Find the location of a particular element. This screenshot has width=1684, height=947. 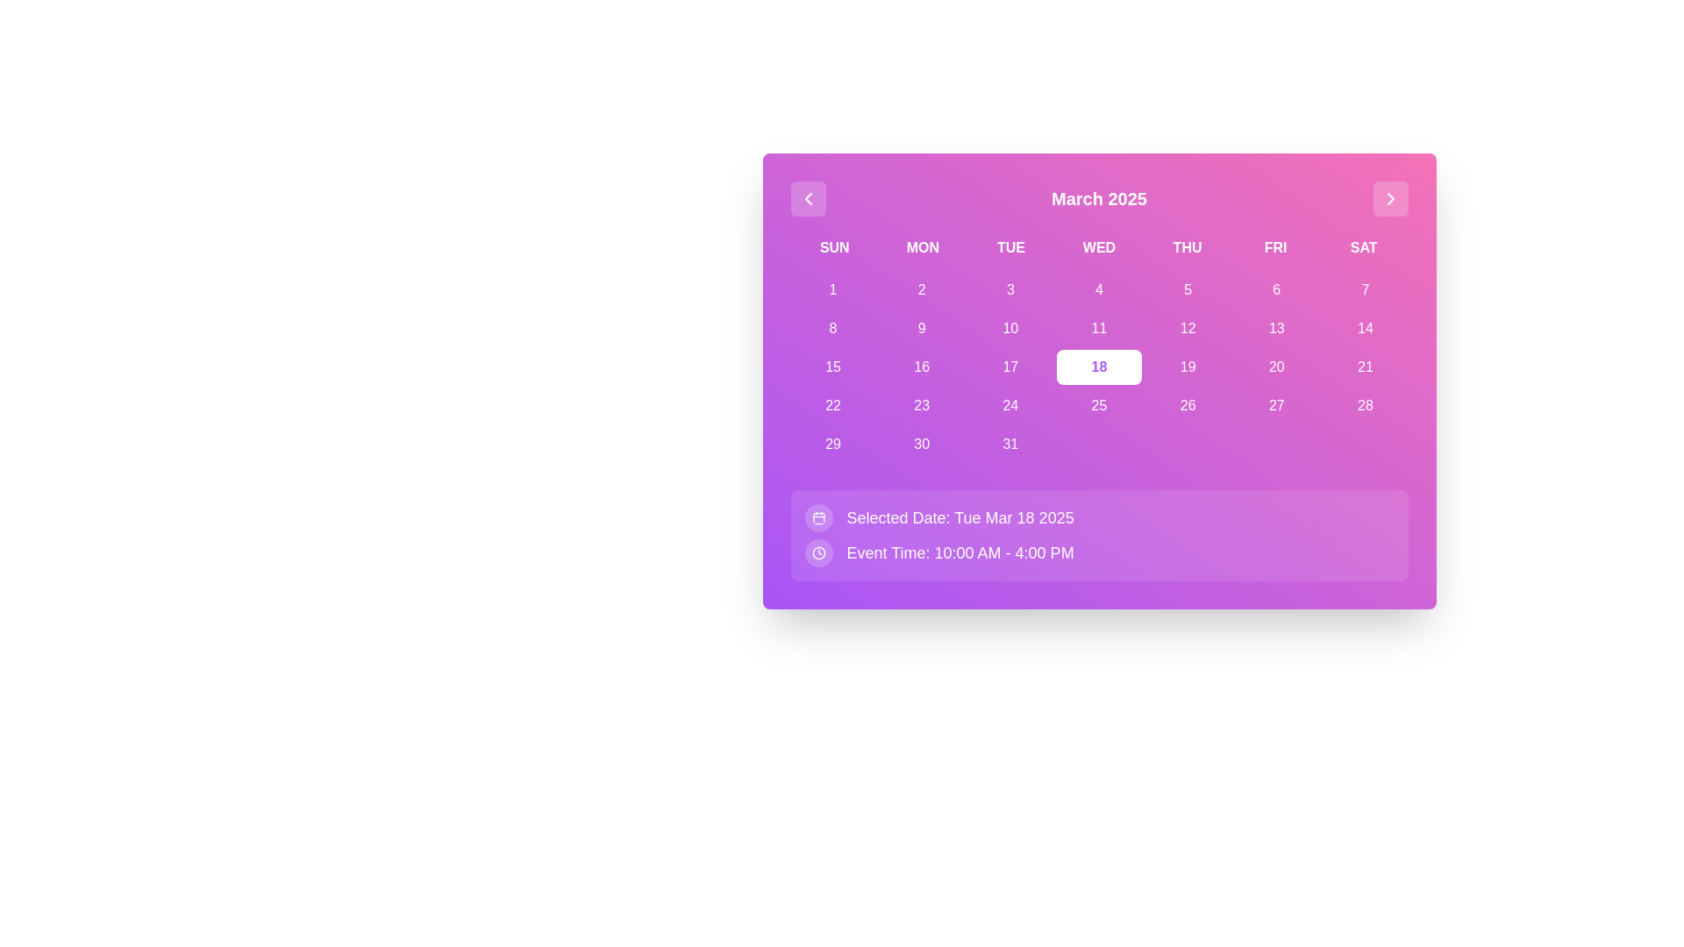

the navigation control icon located in the top-right area of the calendar interface is located at coordinates (1389, 198).